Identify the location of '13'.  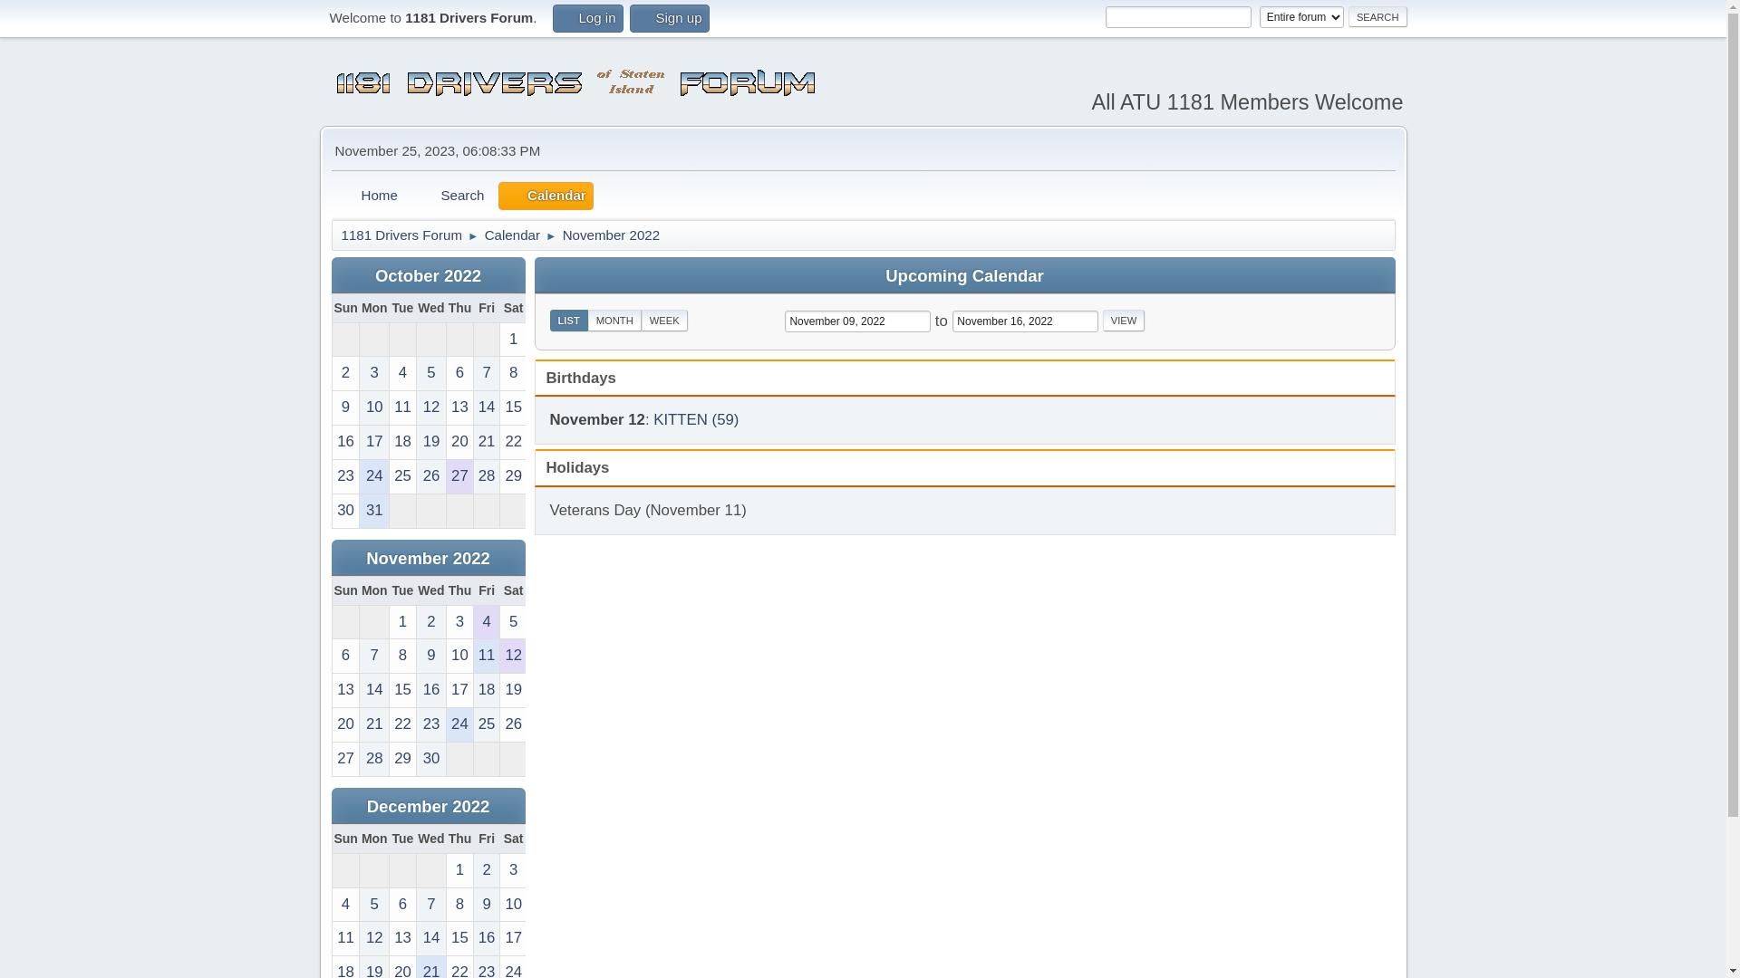
(459, 407).